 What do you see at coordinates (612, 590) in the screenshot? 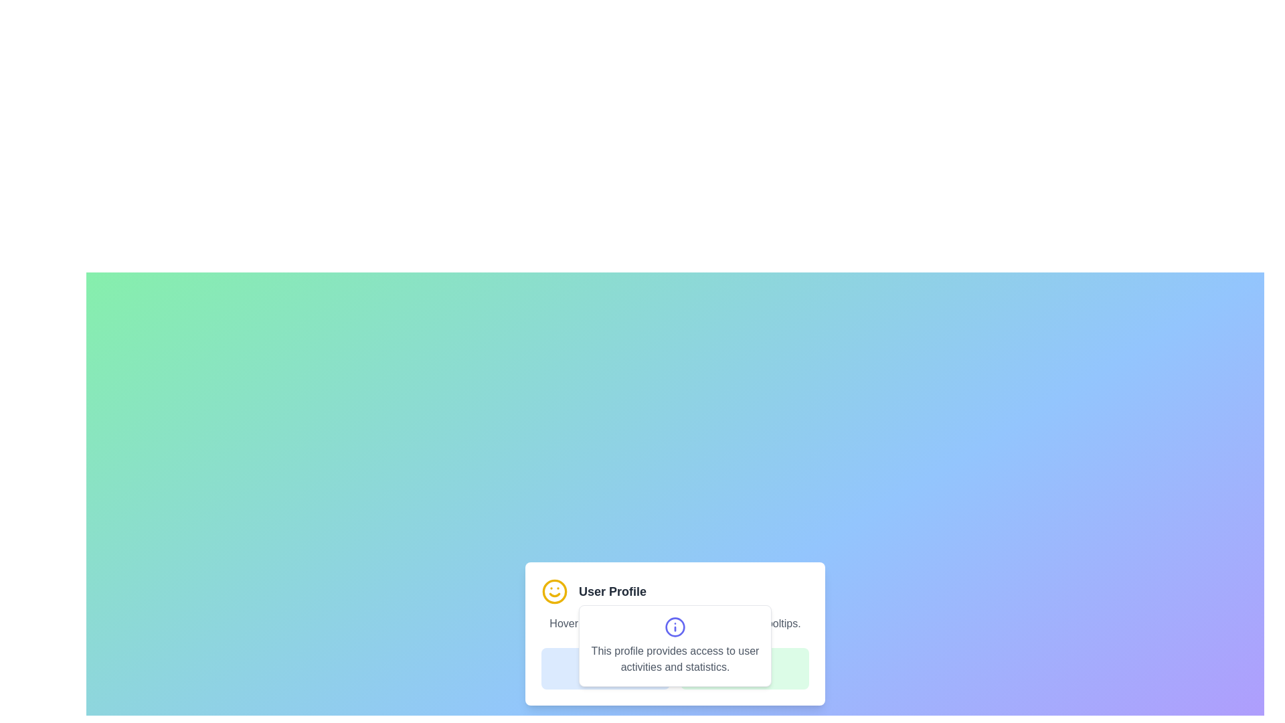
I see `the 'User Profile' text label element, which is styled in bold, large gray characters and is located to the right of a yellow smiley face icon` at bounding box center [612, 590].